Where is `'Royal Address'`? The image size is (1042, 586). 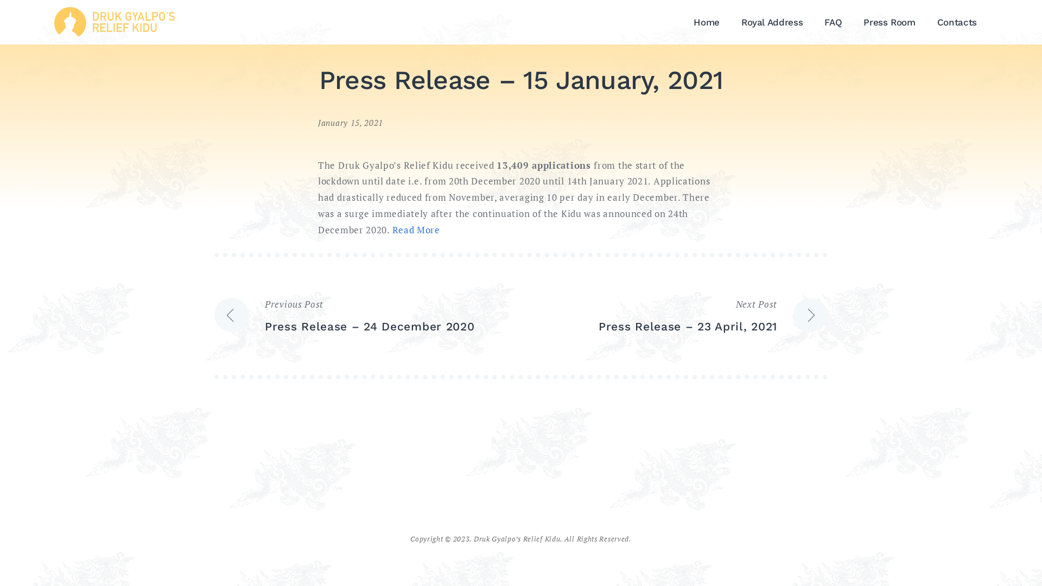
'Royal Address' is located at coordinates (771, 22).